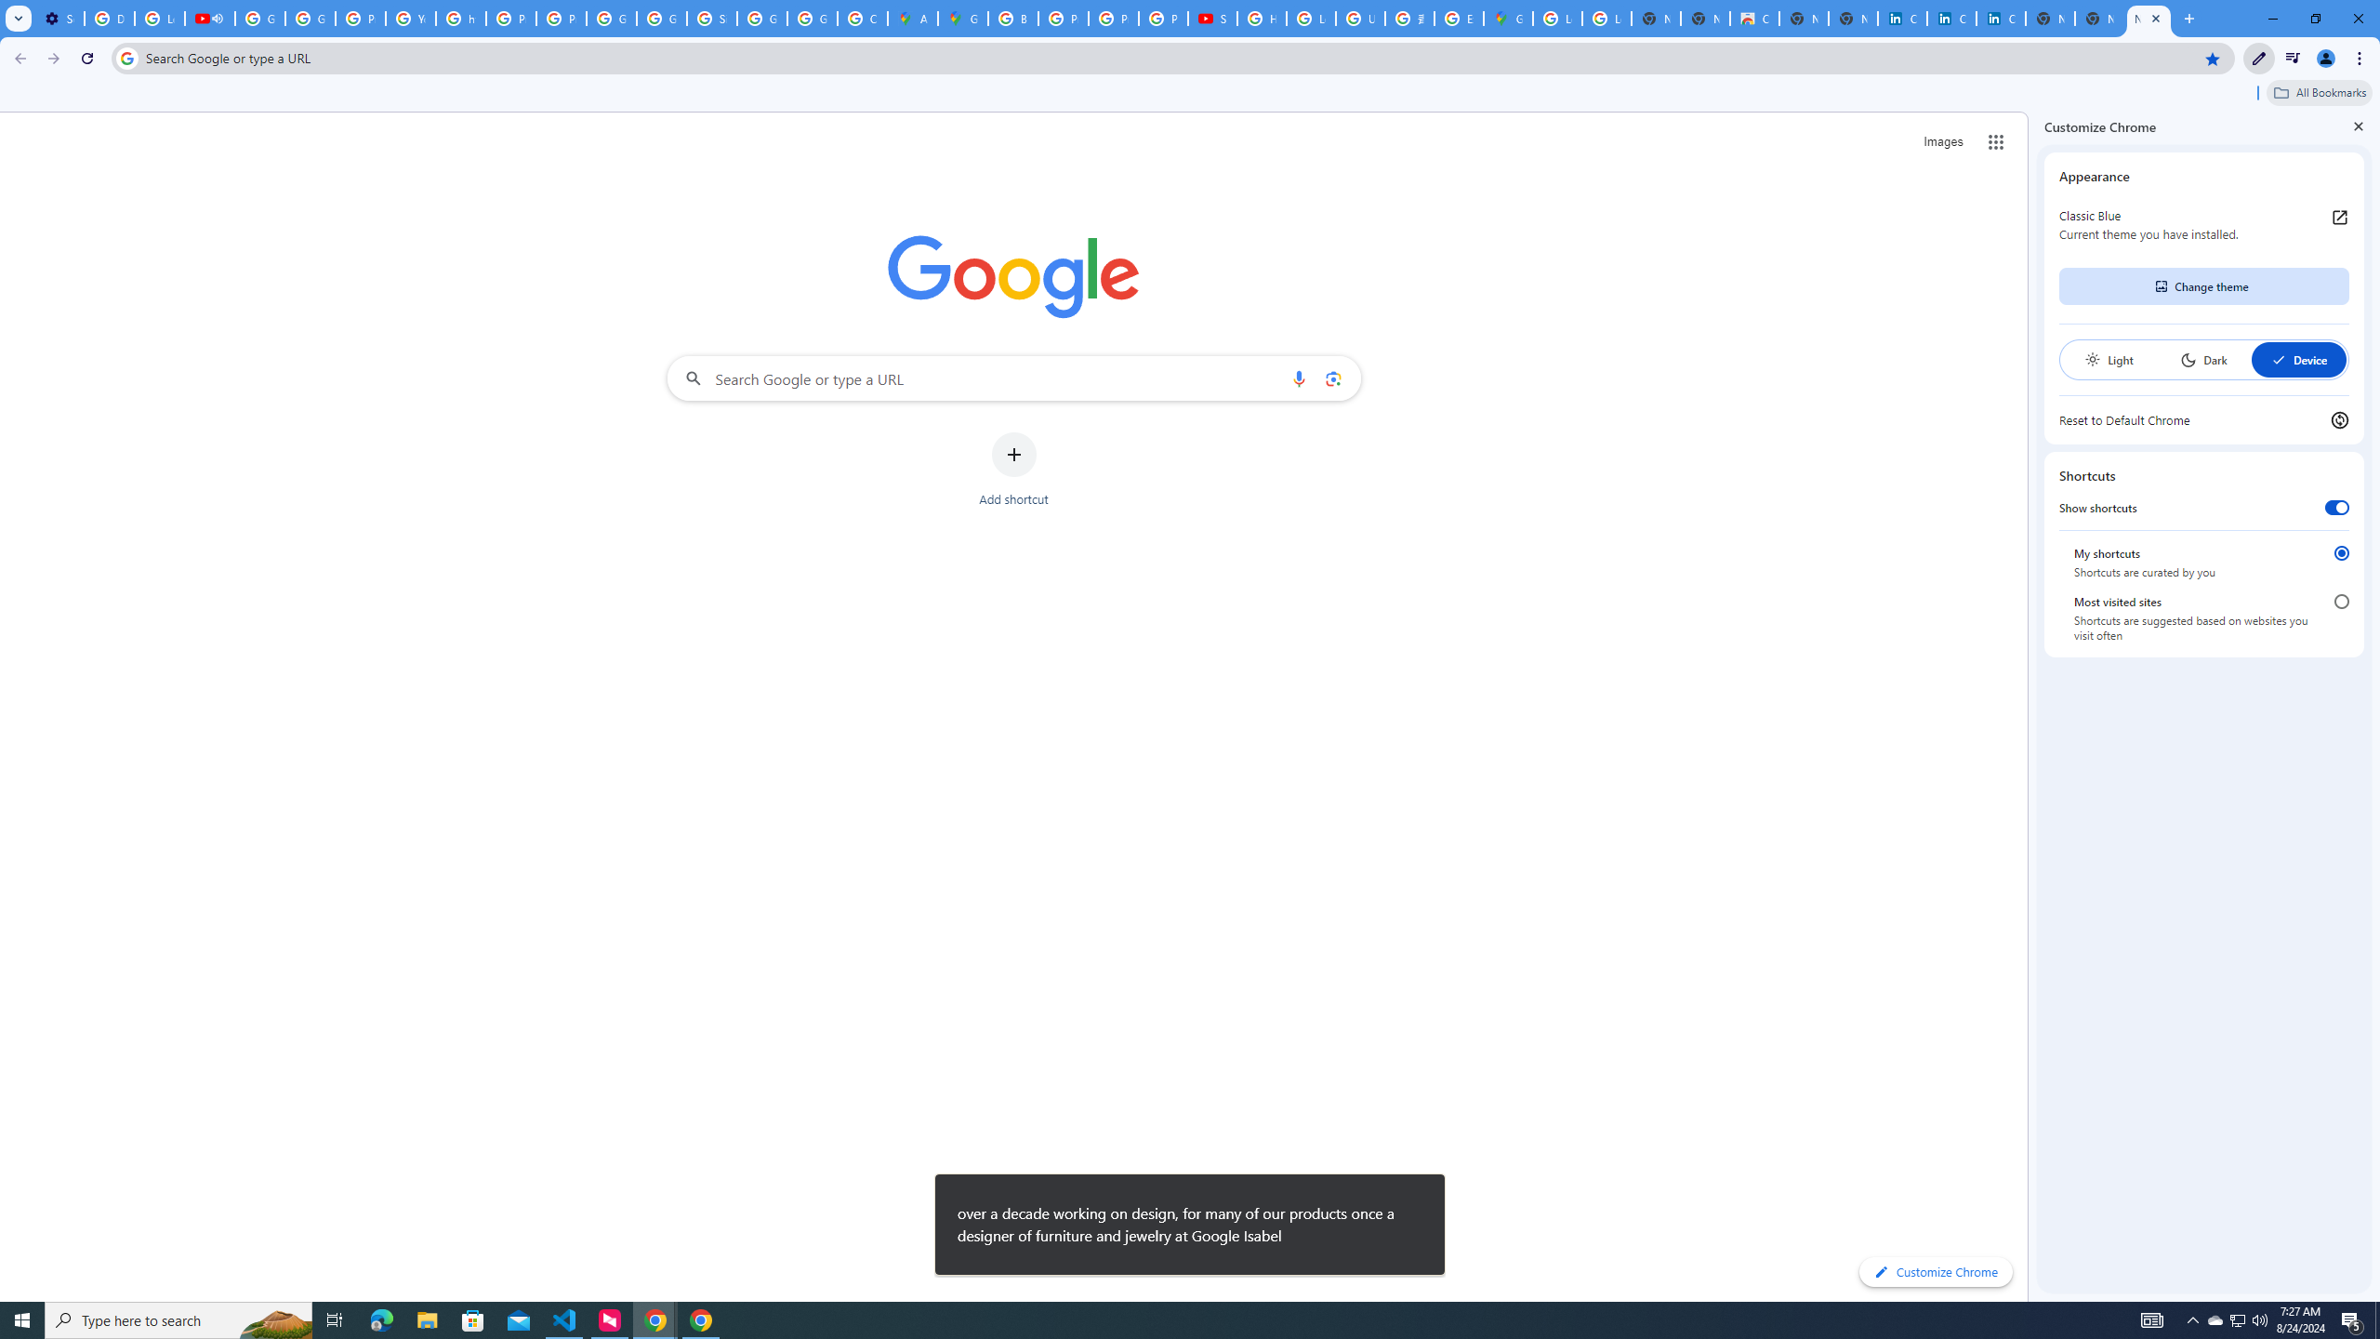  What do you see at coordinates (2031, 705) in the screenshot?
I see `'Side Panel Resize Handle'` at bounding box center [2031, 705].